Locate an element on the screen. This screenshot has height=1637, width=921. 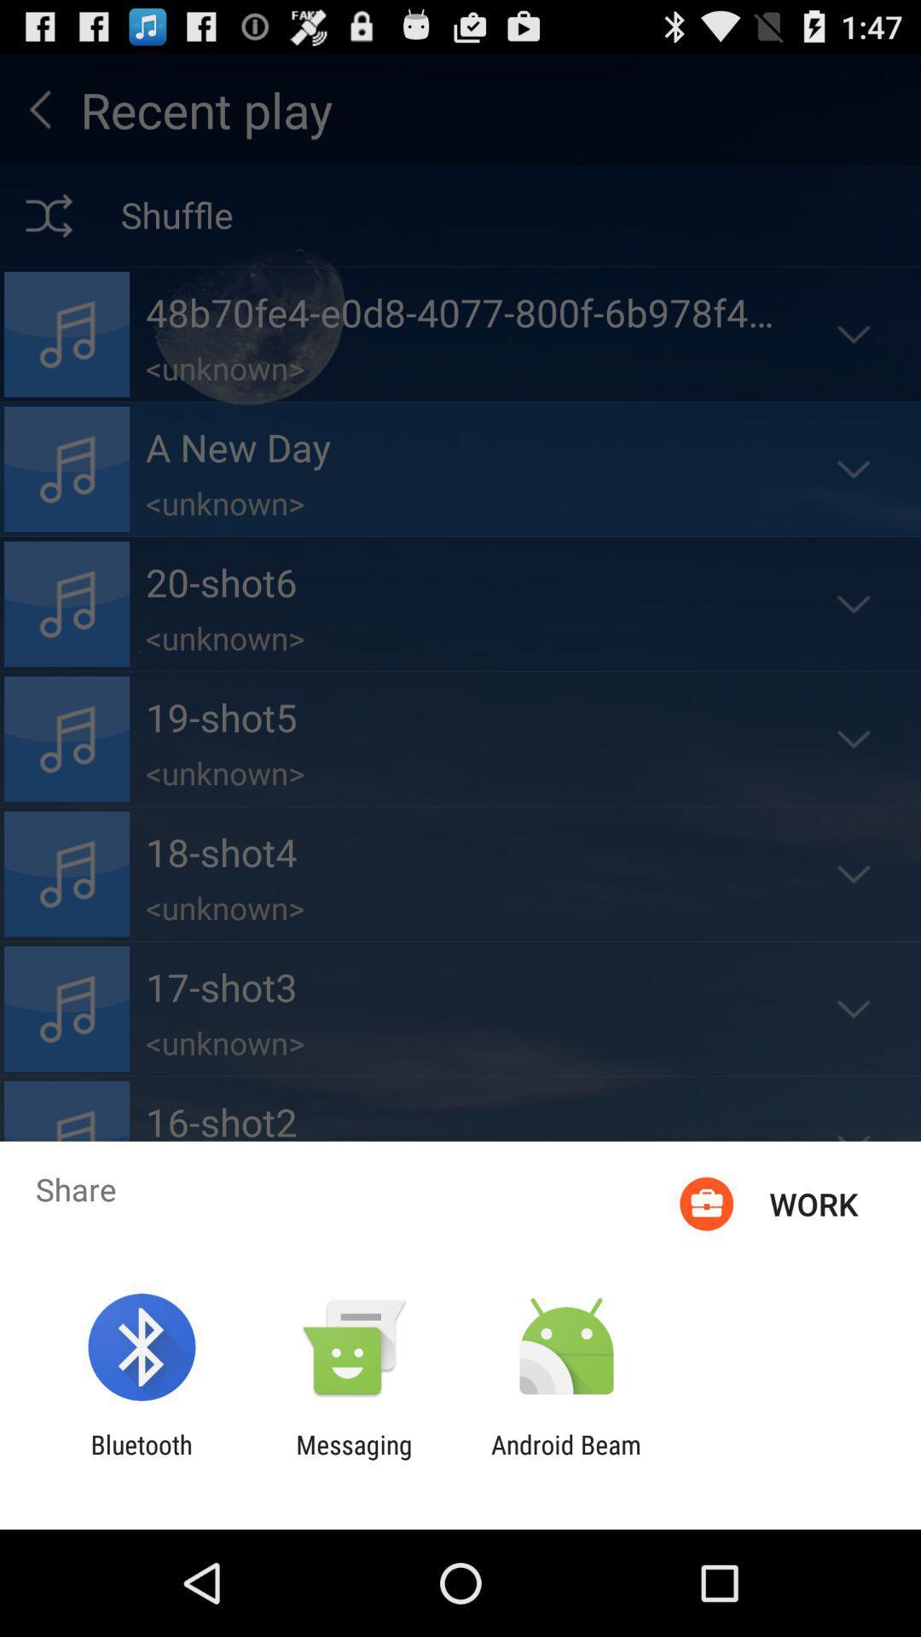
icon to the left of the messaging item is located at coordinates (141, 1459).